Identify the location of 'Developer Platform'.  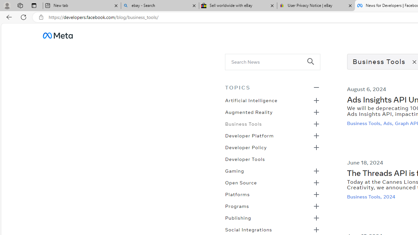
(249, 134).